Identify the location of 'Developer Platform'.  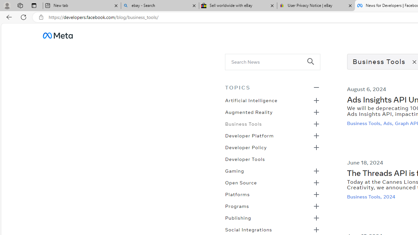
(249, 134).